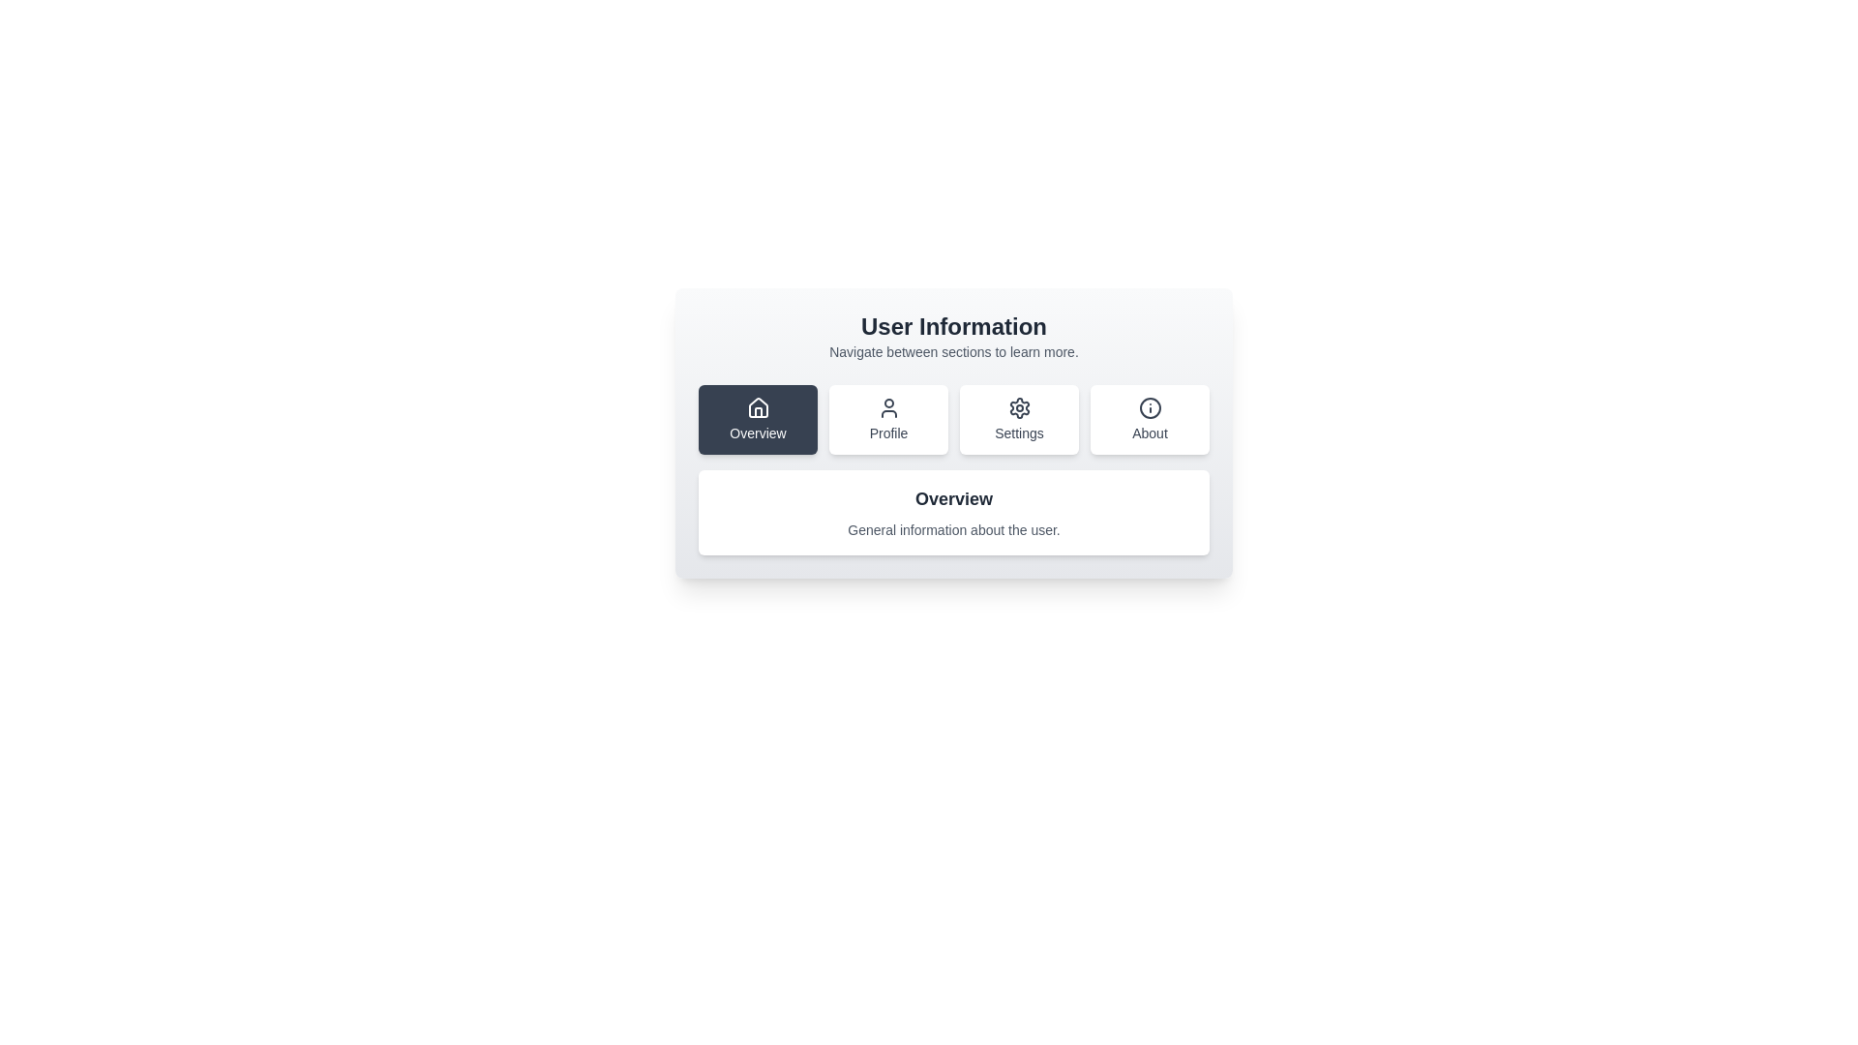 The width and height of the screenshot is (1858, 1045). What do you see at coordinates (757, 432) in the screenshot?
I see `the 'Overview' text label element, which is styled with a medium font size and positioned below a house icon in a dark-colored rectangular button, located under the 'User Information' heading` at bounding box center [757, 432].